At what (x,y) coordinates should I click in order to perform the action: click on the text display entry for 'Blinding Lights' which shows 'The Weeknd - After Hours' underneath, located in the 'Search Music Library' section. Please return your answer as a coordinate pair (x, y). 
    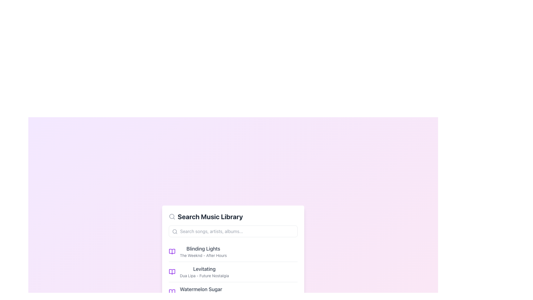
    Looking at the image, I should click on (203, 251).